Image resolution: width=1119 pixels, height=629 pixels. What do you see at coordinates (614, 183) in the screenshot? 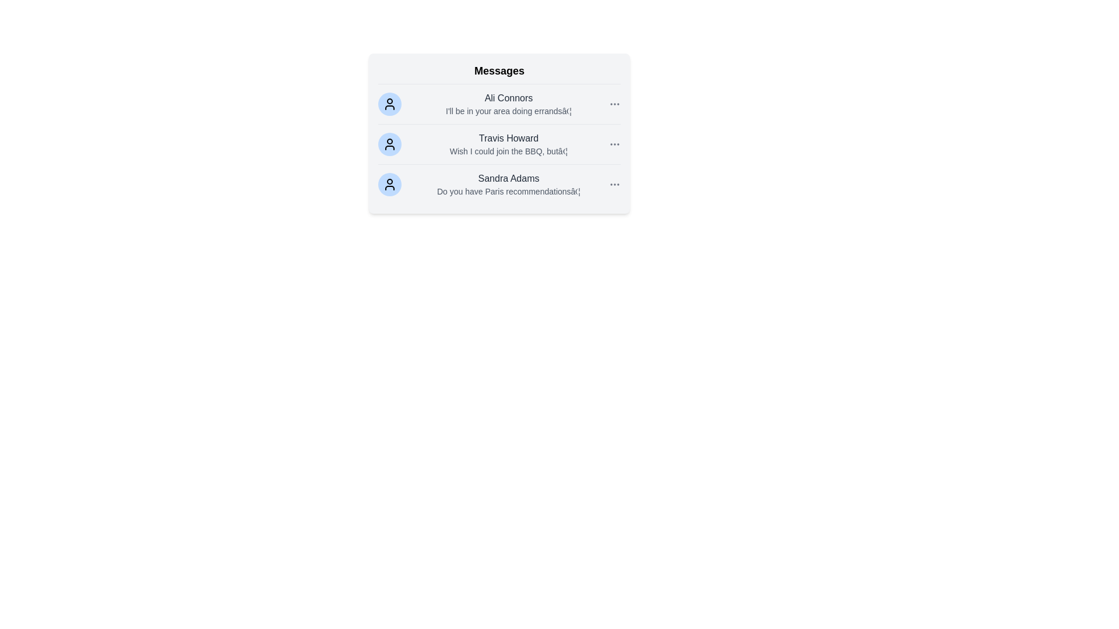
I see `the icon button consisting of three horizontal dots, located at the far-right side of the message from 'Sandra Adams'` at bounding box center [614, 183].